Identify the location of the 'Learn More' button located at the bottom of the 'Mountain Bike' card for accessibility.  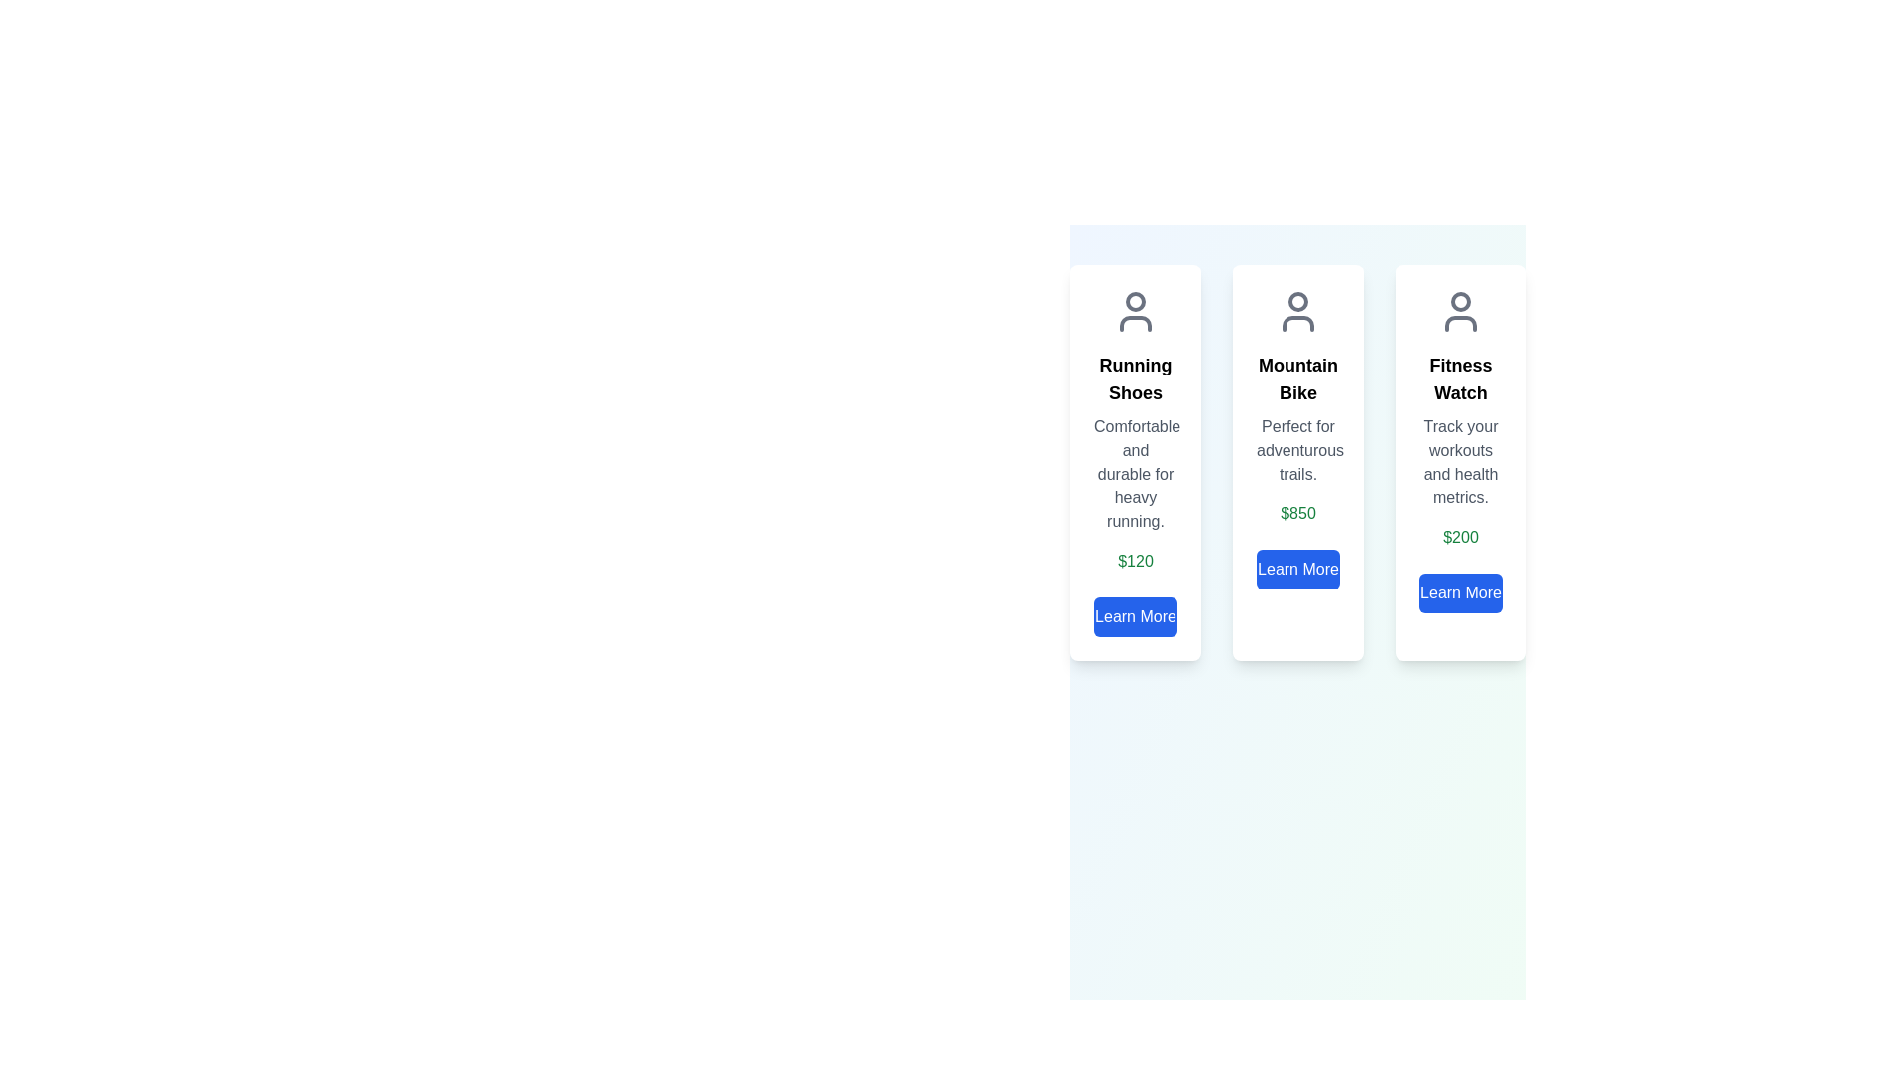
(1298, 569).